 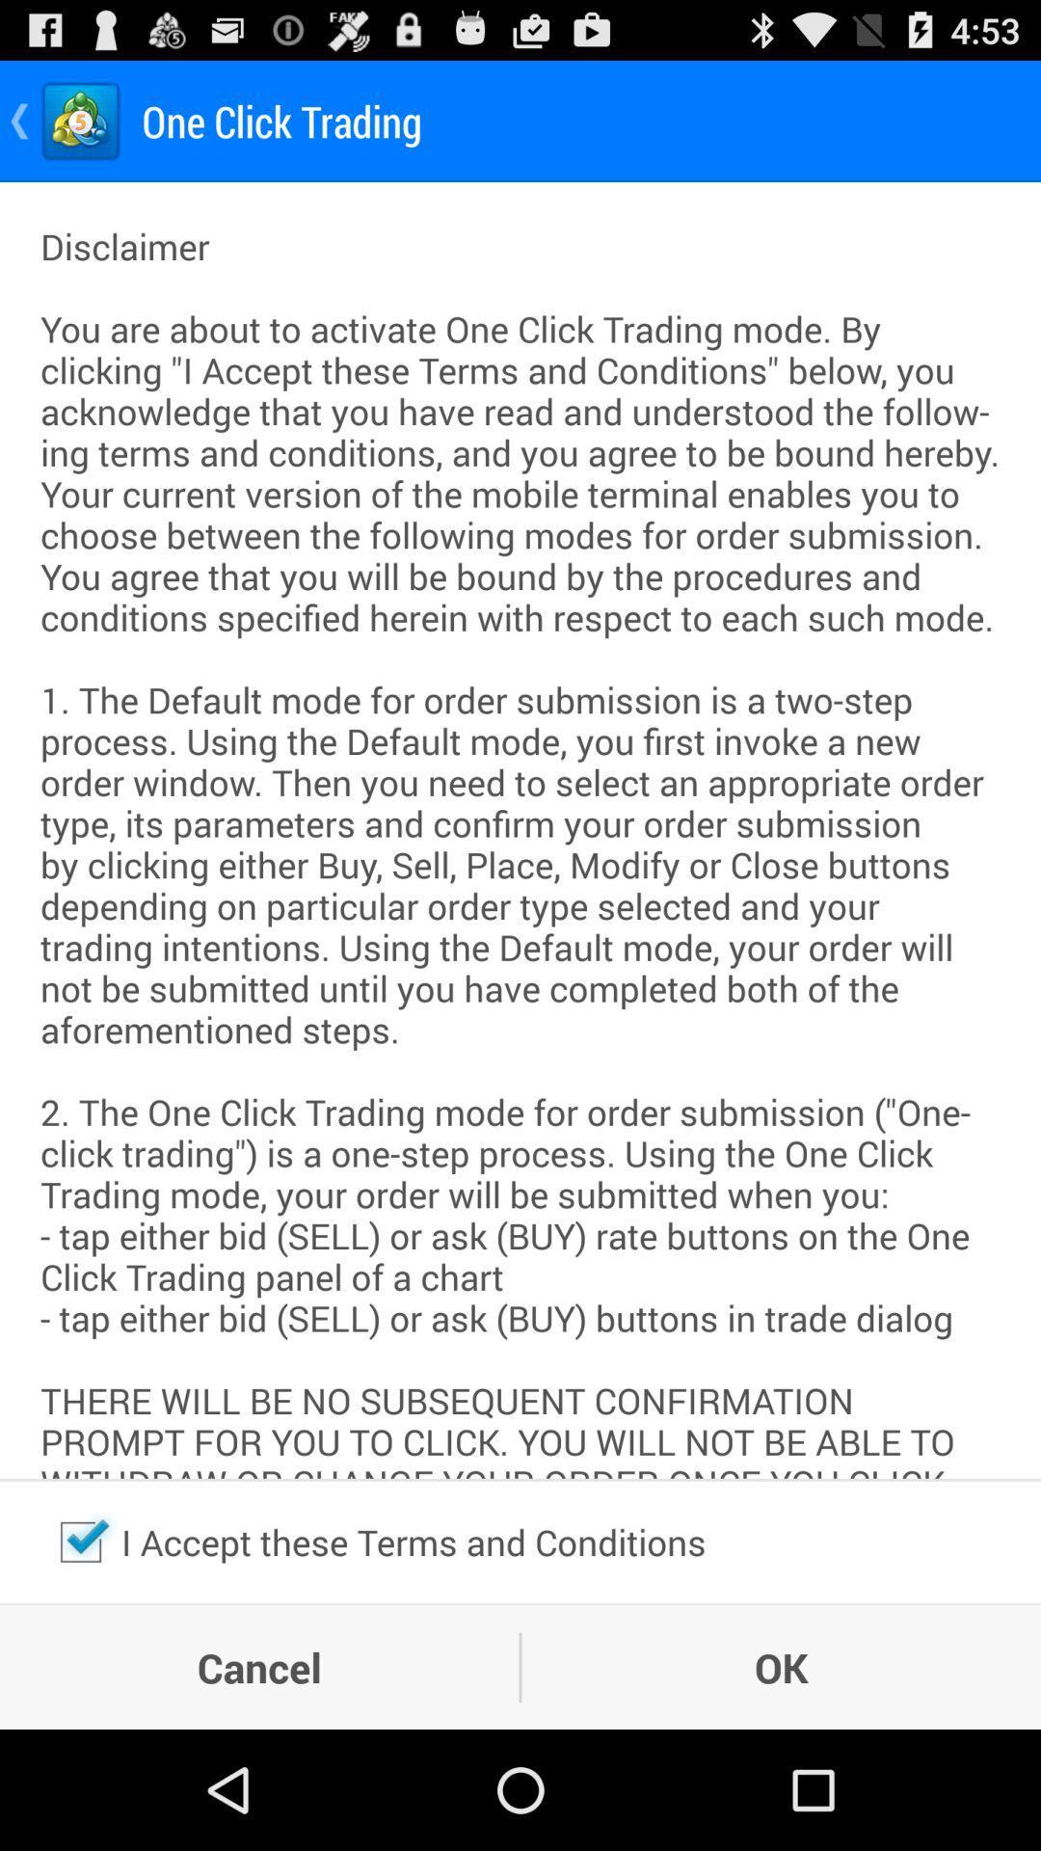 What do you see at coordinates (258, 1666) in the screenshot?
I see `cancel item` at bounding box center [258, 1666].